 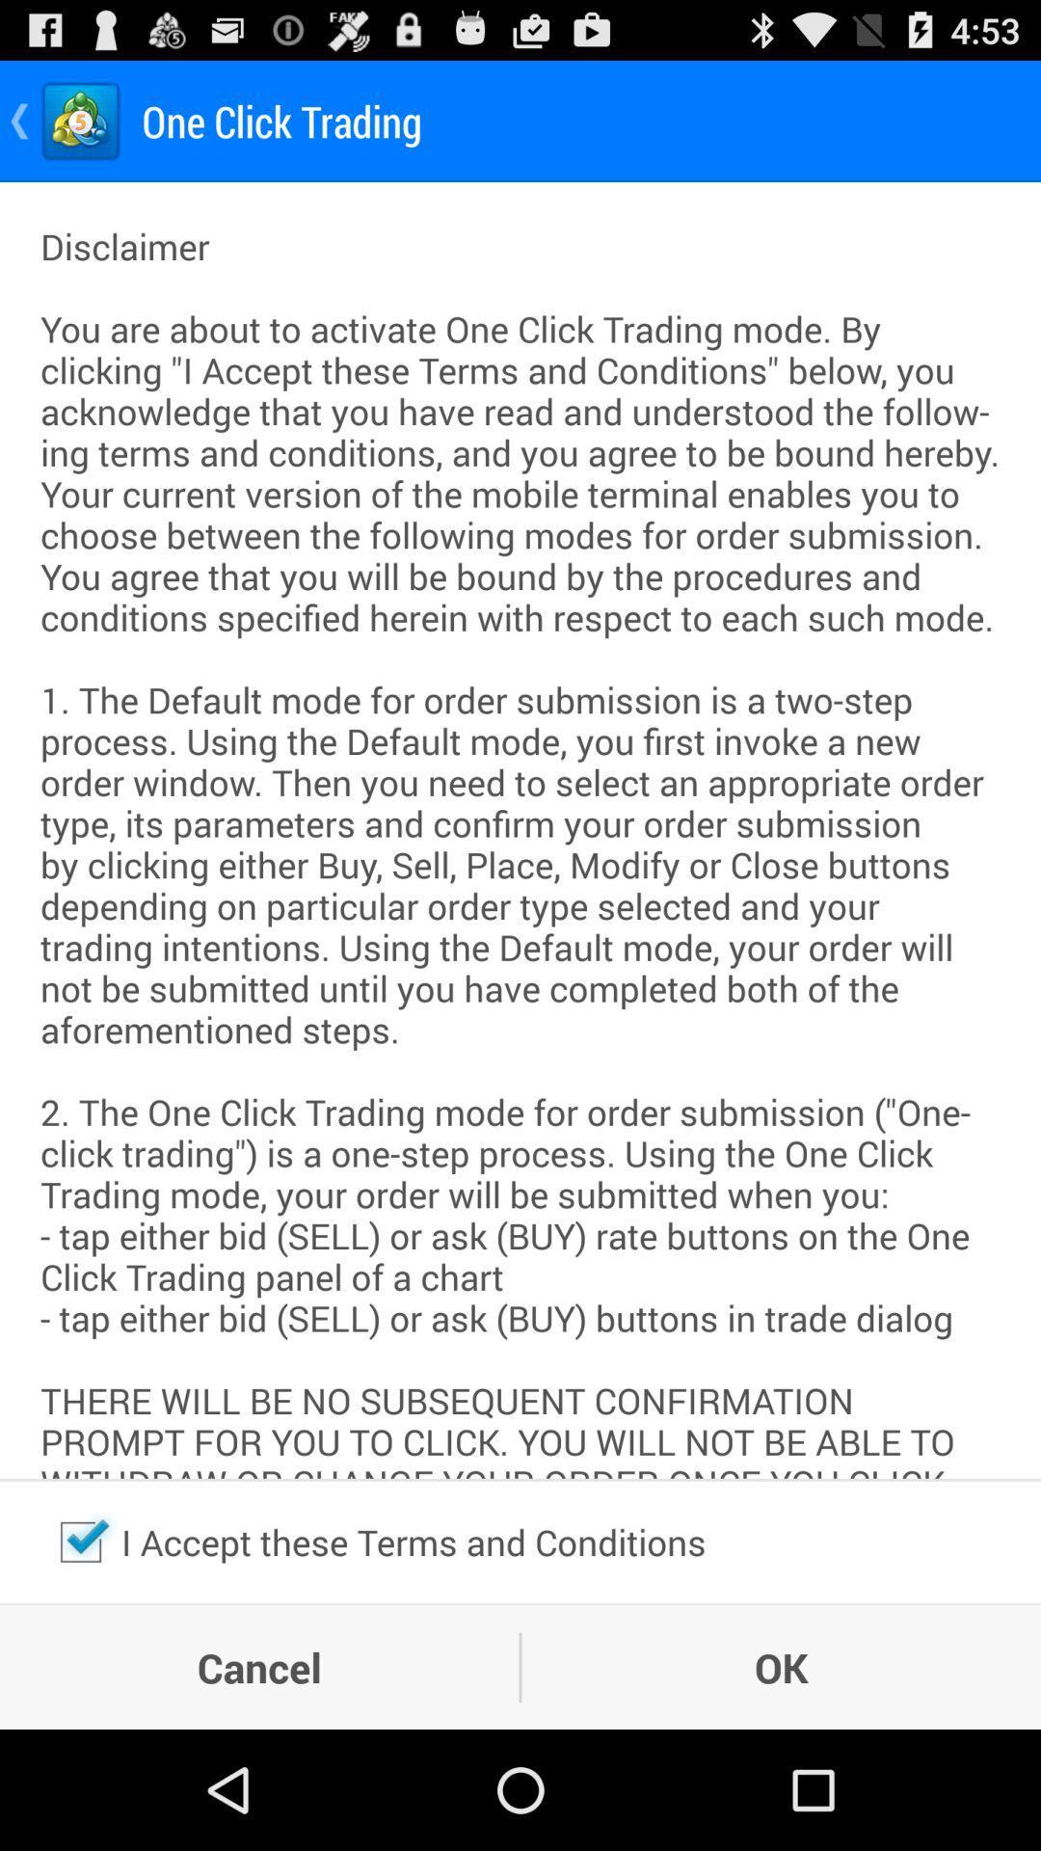 What do you see at coordinates (258, 1666) in the screenshot?
I see `cancel item` at bounding box center [258, 1666].